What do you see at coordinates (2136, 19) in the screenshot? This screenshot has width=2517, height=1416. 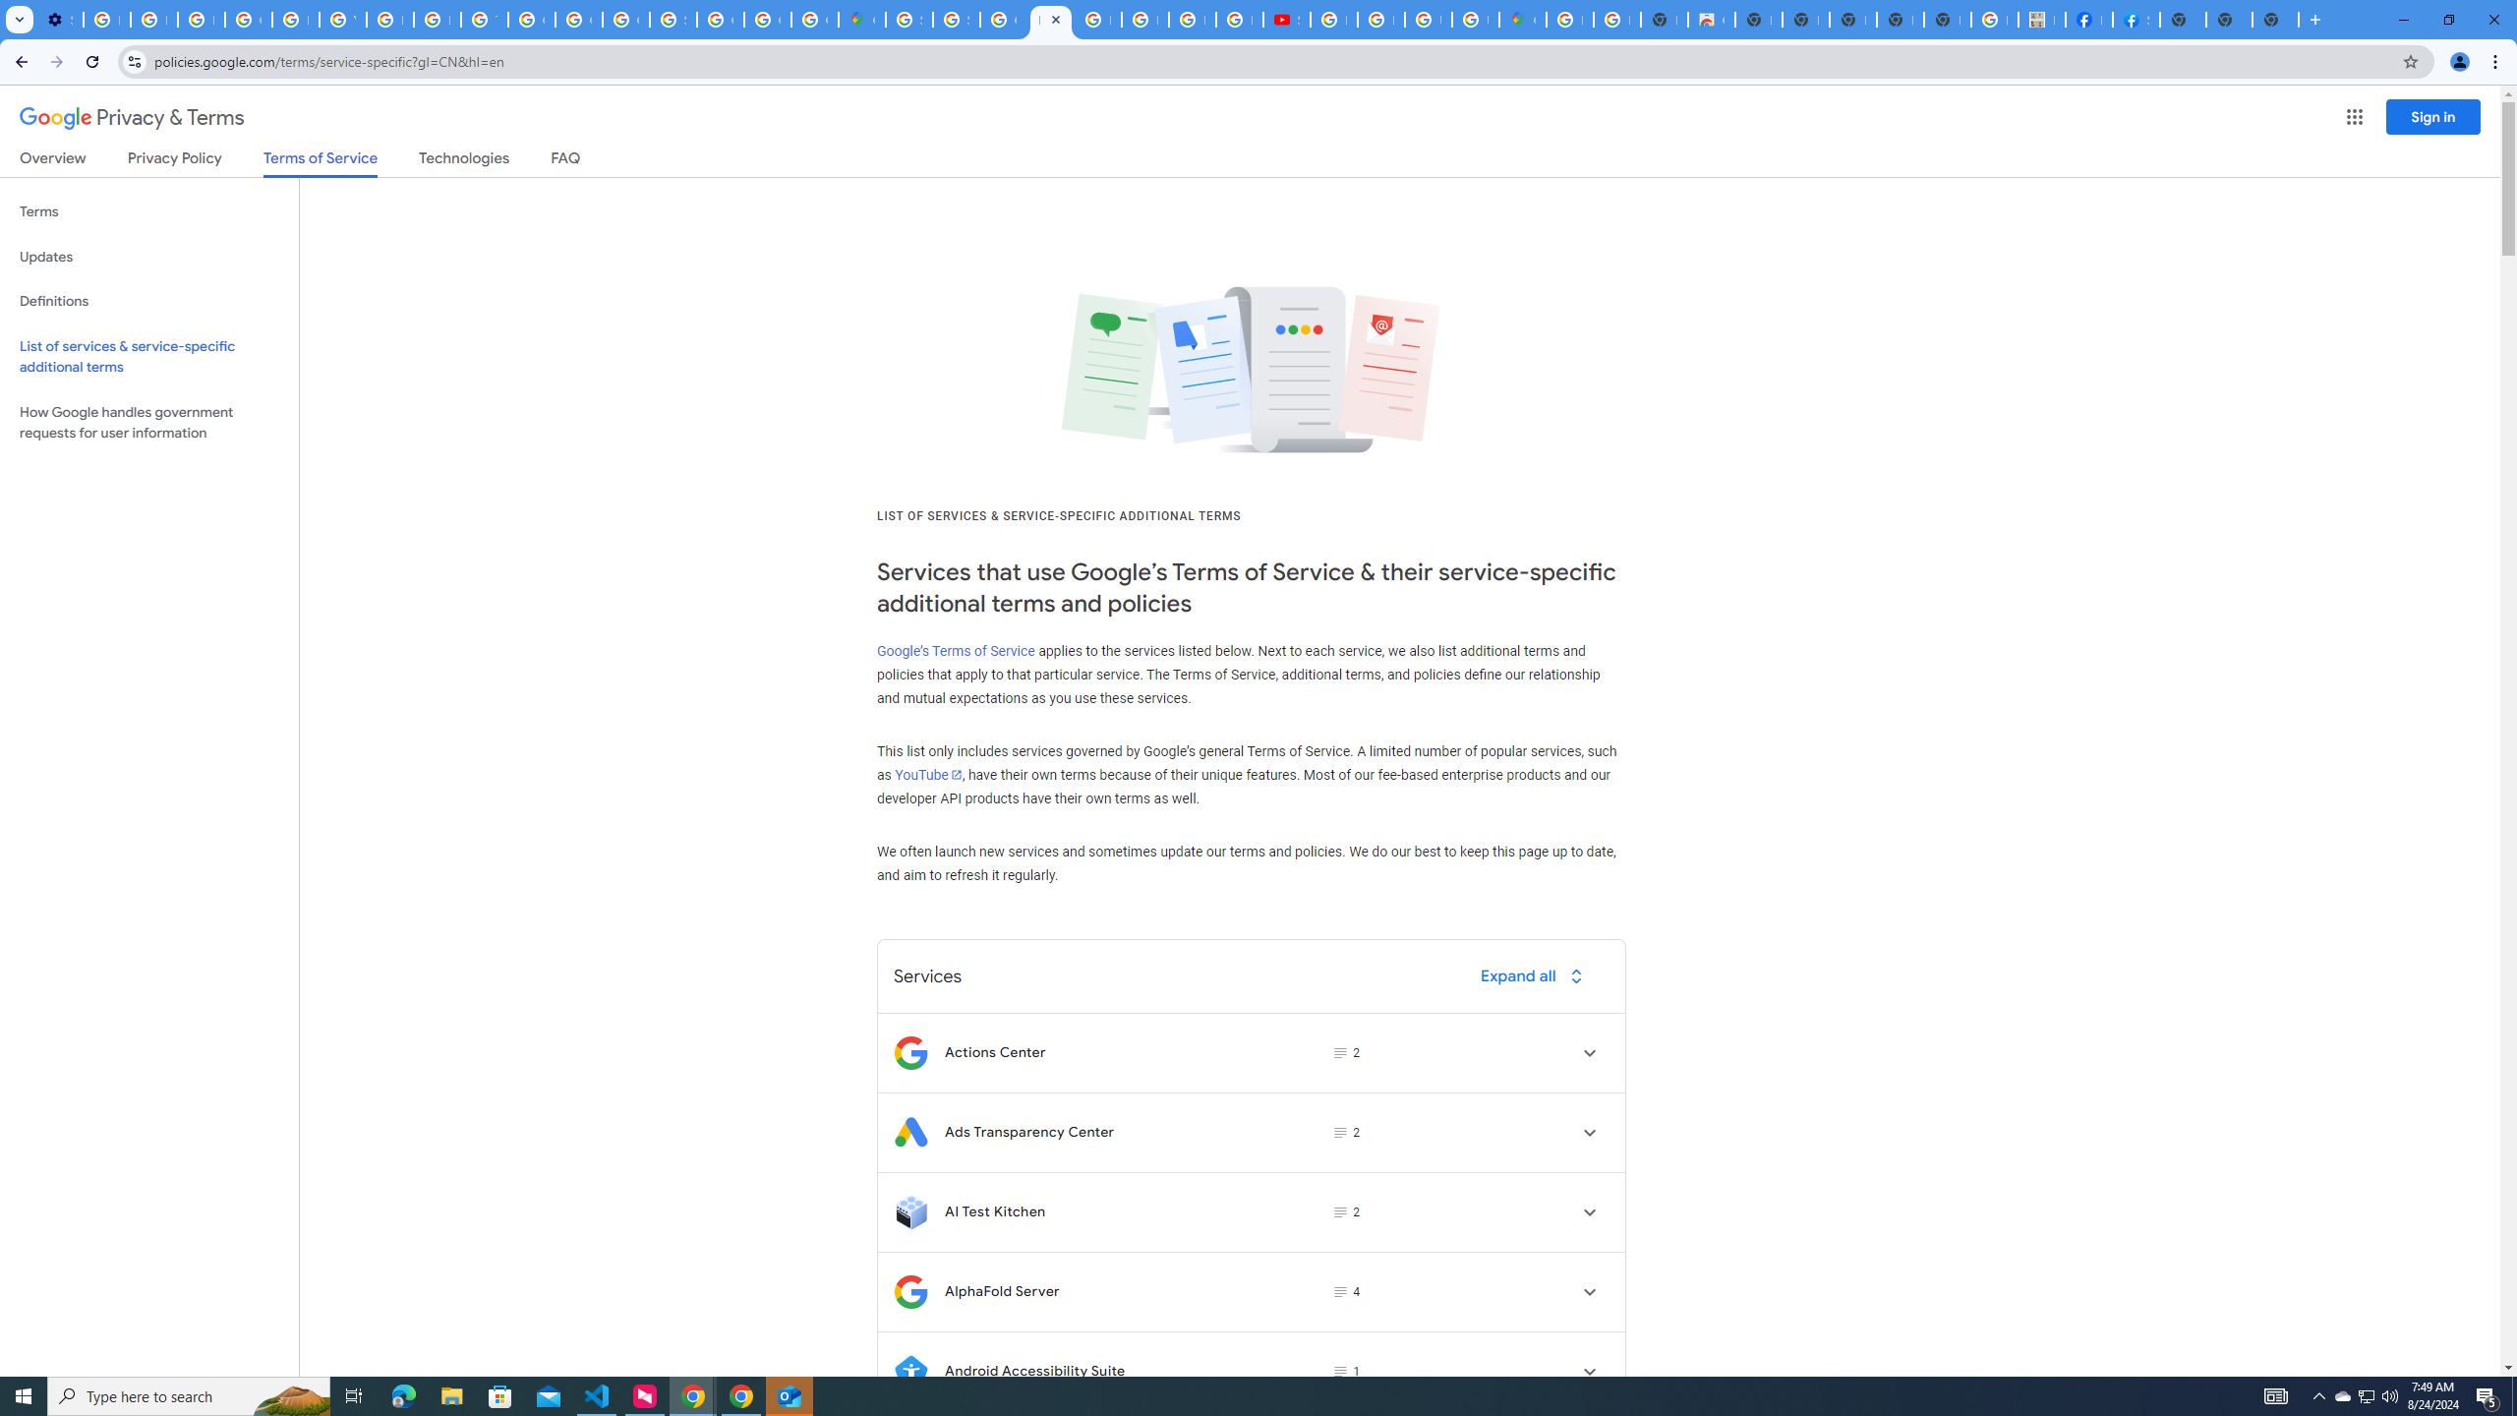 I see `'Sign Up for Facebook'` at bounding box center [2136, 19].